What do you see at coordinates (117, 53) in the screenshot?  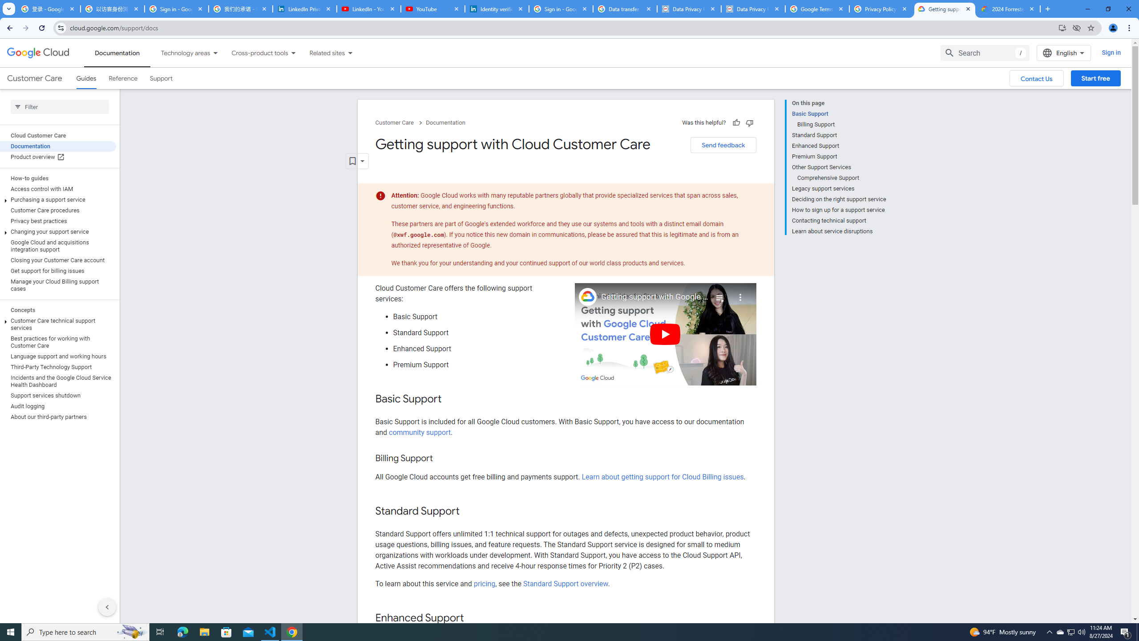 I see `'Documentation, selected'` at bounding box center [117, 53].